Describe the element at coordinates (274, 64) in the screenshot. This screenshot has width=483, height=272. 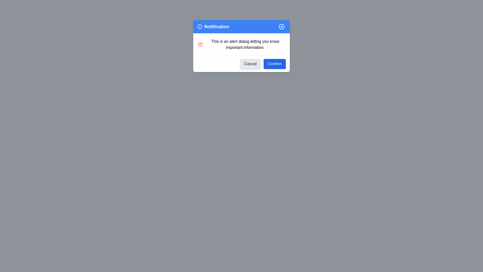
I see `the blue 'Confirm' button with white text` at that location.